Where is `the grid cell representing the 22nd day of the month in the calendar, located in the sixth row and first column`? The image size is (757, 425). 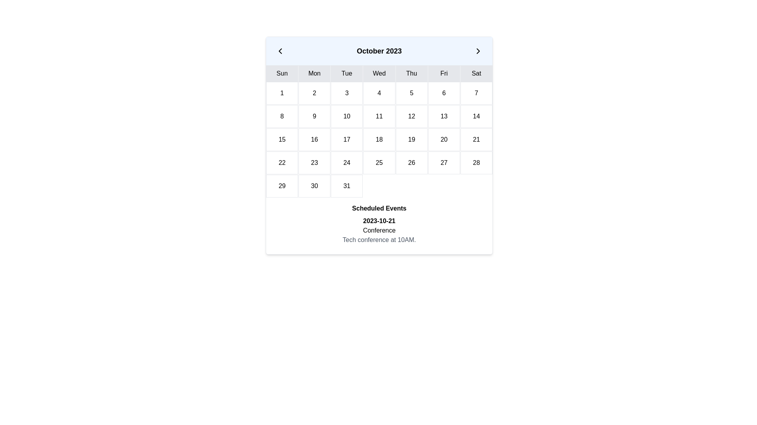
the grid cell representing the 22nd day of the month in the calendar, located in the sixth row and first column is located at coordinates (282, 162).